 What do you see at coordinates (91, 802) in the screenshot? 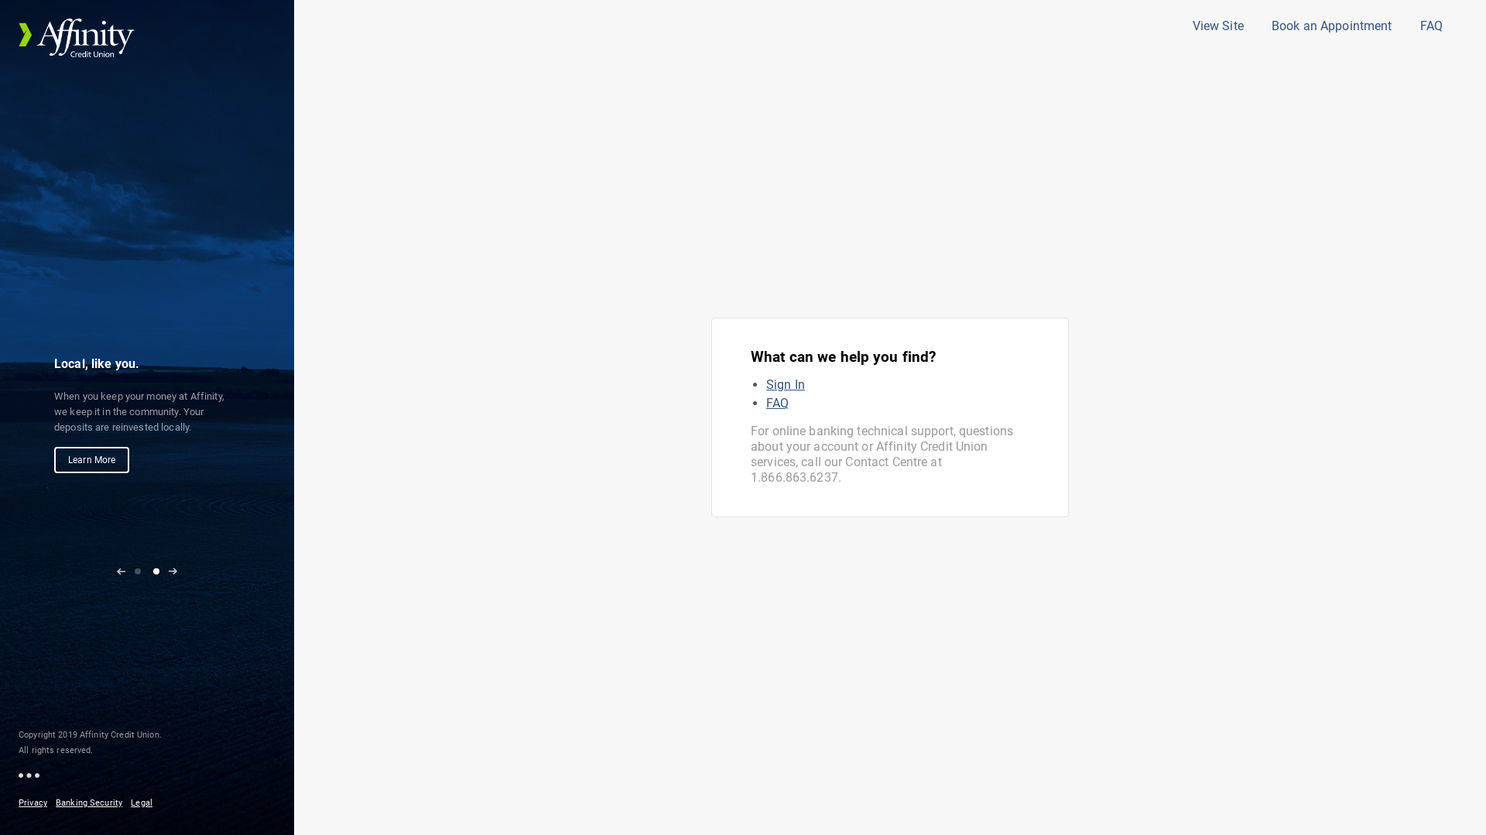
I see `'Banking Security'` at bounding box center [91, 802].